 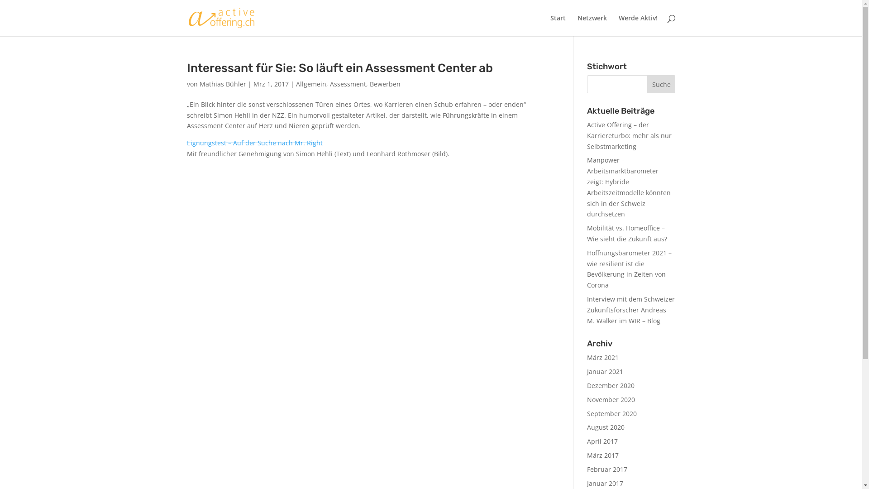 What do you see at coordinates (661, 84) in the screenshot?
I see `'Suche'` at bounding box center [661, 84].